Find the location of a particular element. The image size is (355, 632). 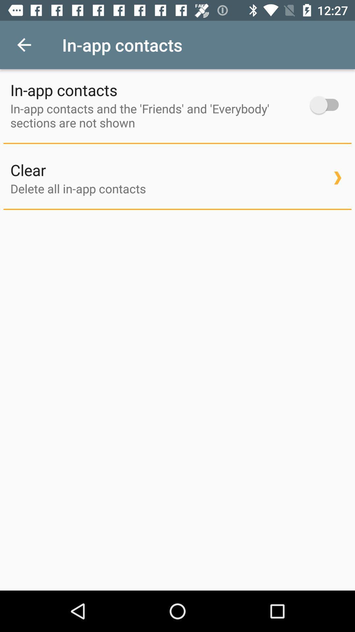

icon next to in-app contacts is located at coordinates (24, 44).